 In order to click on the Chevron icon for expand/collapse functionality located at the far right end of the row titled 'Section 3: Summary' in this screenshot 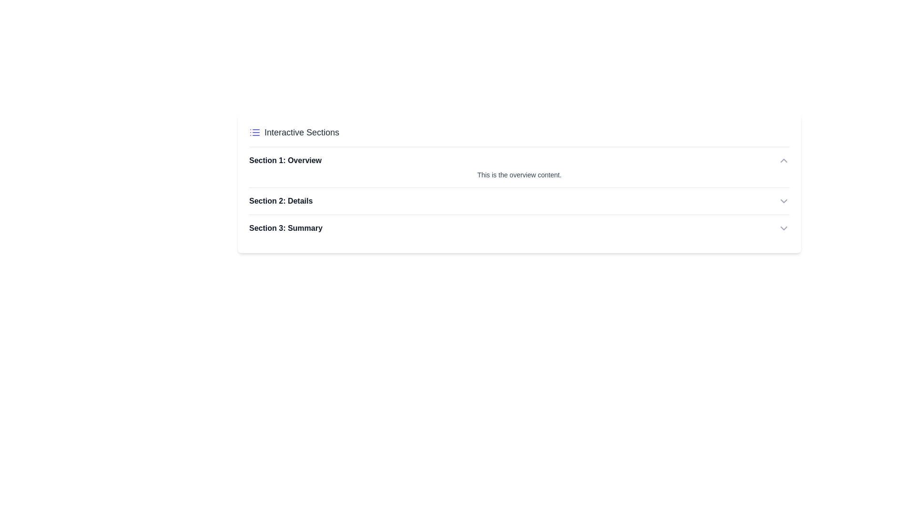, I will do `click(784, 228)`.